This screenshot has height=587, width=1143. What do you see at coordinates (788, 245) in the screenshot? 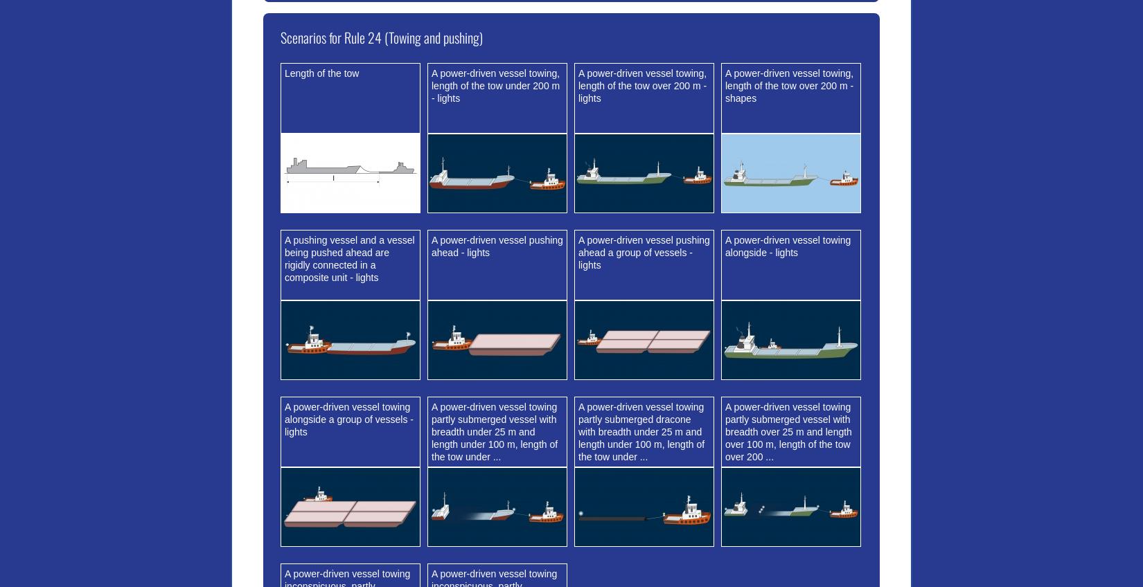
I see `'A power-driven vessel towing alongside - lights'` at bounding box center [788, 245].